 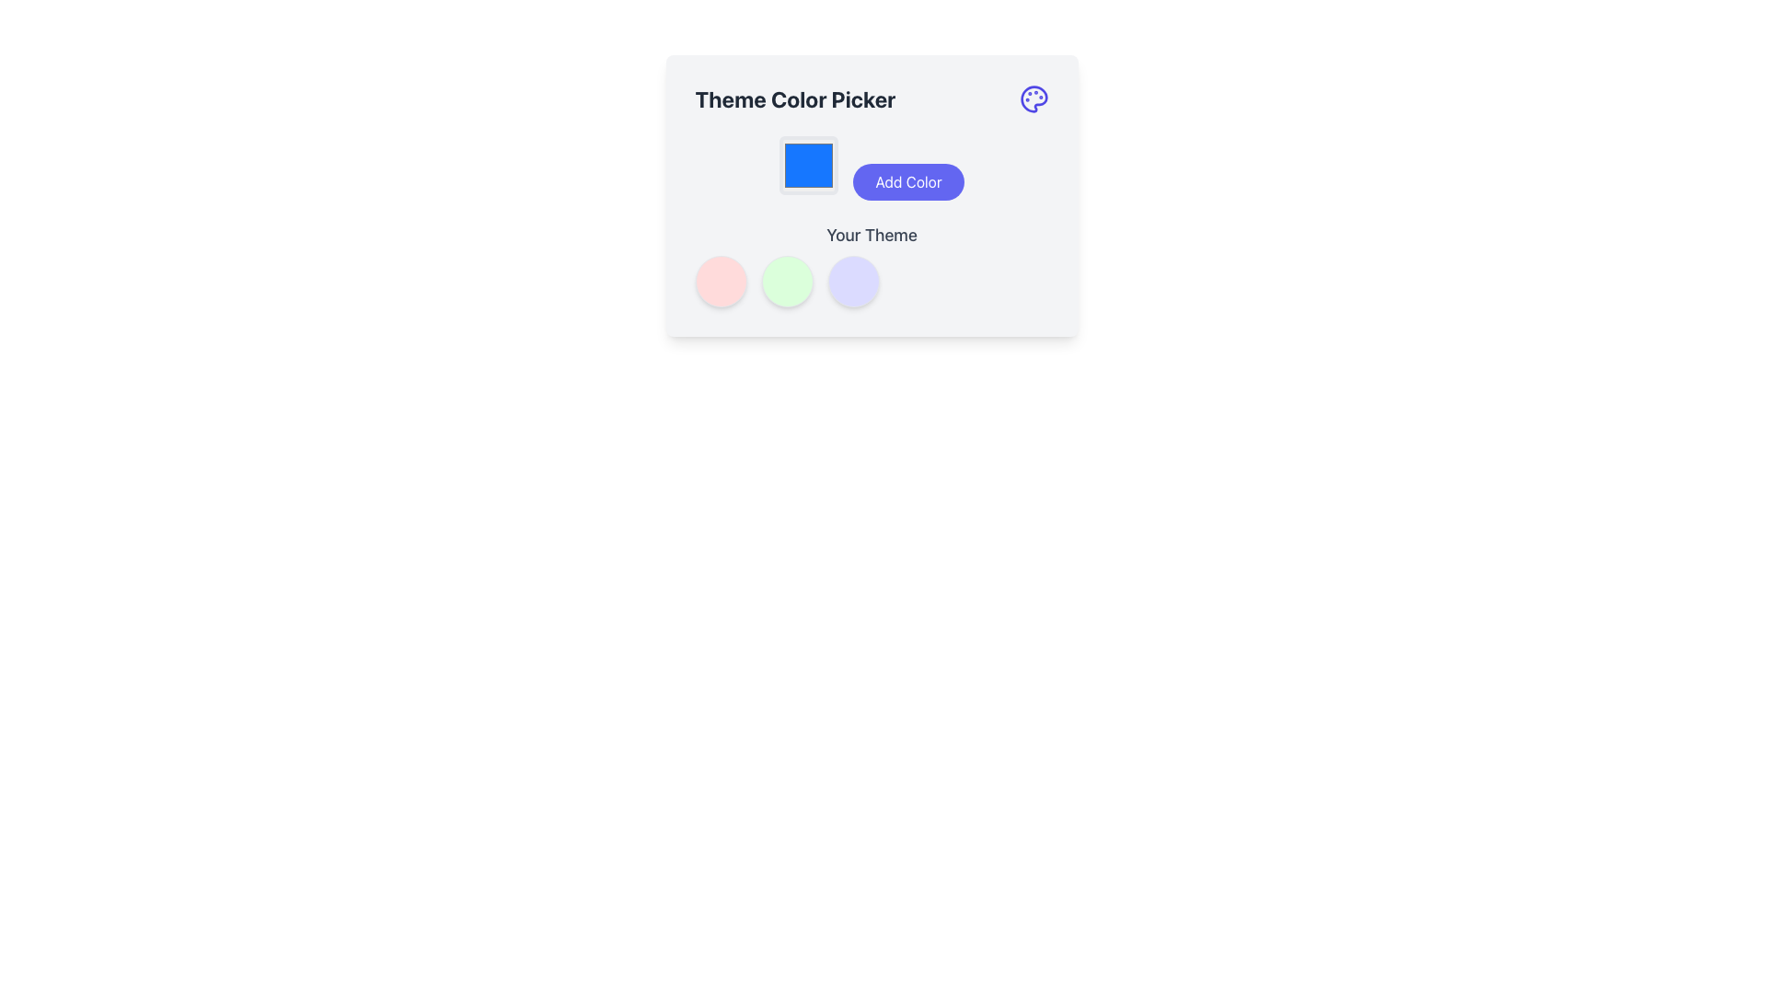 I want to click on the art palette graphical icon located in the top-right corner of the interface card, which signifies color-related functionalities, so click(x=1034, y=99).